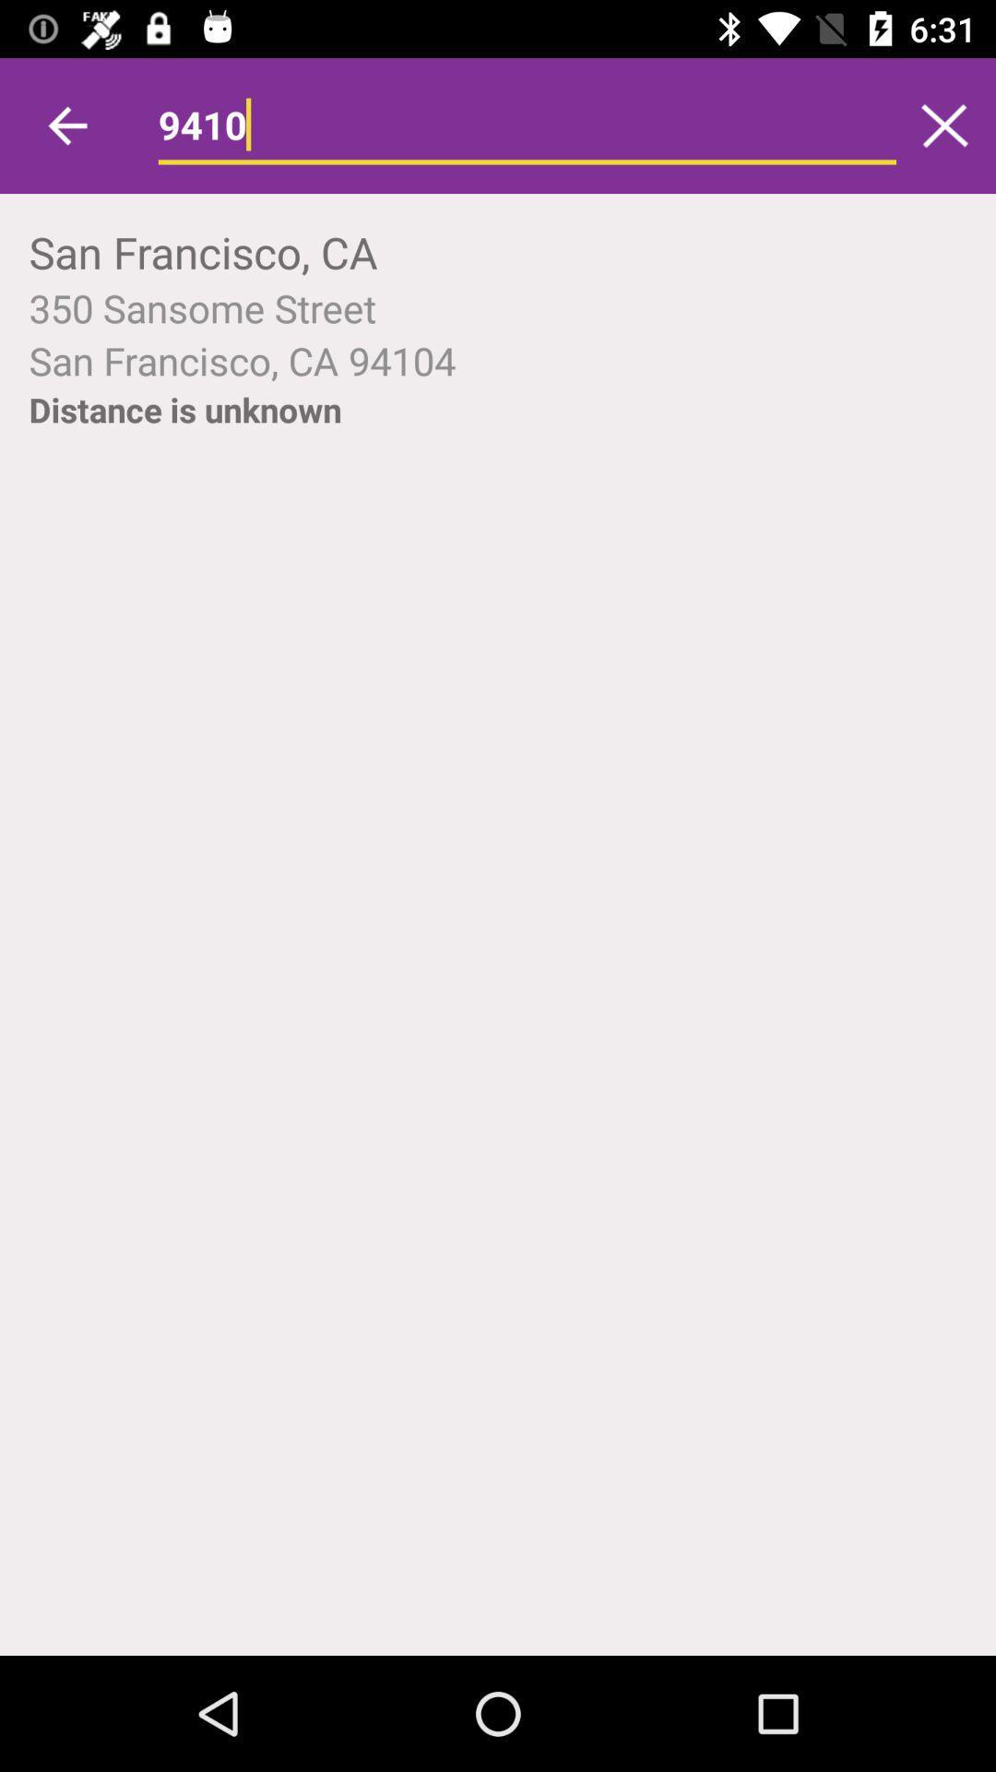  What do you see at coordinates (498, 307) in the screenshot?
I see `icon below the san francisco, ca icon` at bounding box center [498, 307].